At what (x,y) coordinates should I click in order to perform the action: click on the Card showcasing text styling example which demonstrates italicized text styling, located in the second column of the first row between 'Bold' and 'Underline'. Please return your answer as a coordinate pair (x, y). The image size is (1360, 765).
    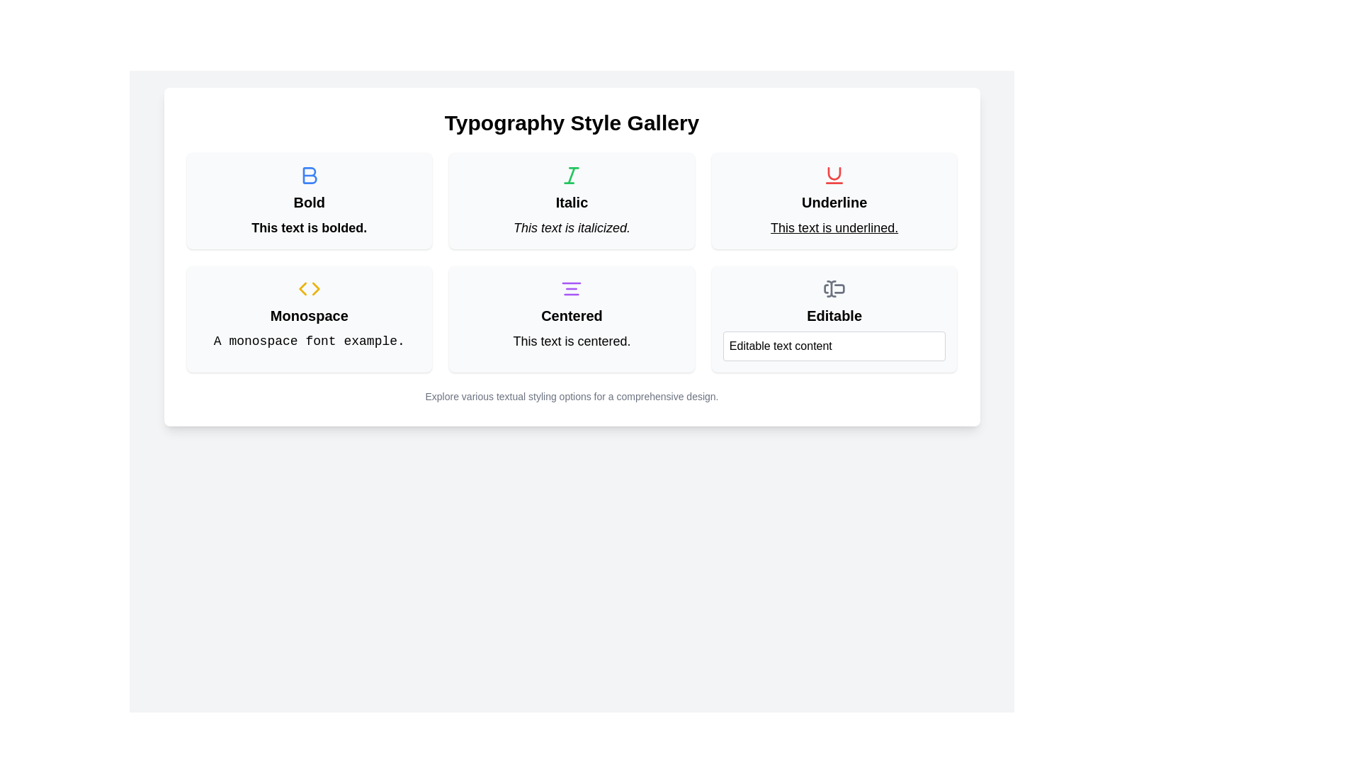
    Looking at the image, I should click on (572, 201).